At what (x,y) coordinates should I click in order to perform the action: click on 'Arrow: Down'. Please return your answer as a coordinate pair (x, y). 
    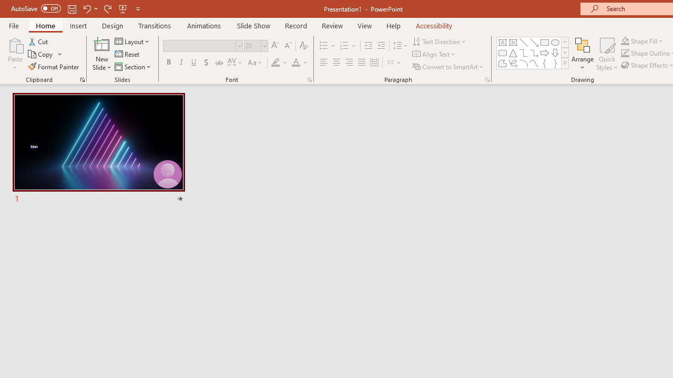
    Looking at the image, I should click on (555, 52).